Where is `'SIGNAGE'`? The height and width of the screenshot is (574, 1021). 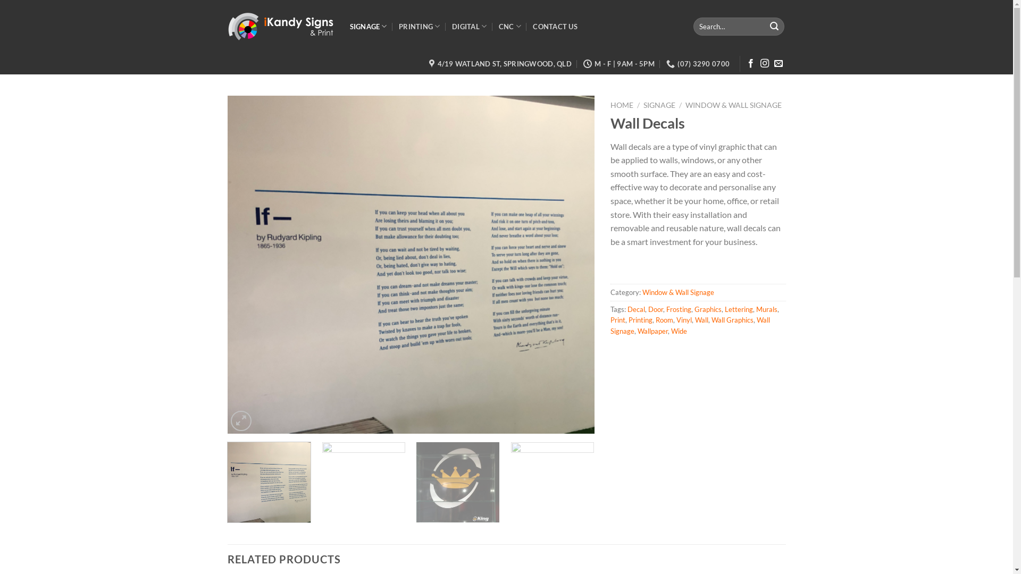
'SIGNAGE' is located at coordinates (368, 26).